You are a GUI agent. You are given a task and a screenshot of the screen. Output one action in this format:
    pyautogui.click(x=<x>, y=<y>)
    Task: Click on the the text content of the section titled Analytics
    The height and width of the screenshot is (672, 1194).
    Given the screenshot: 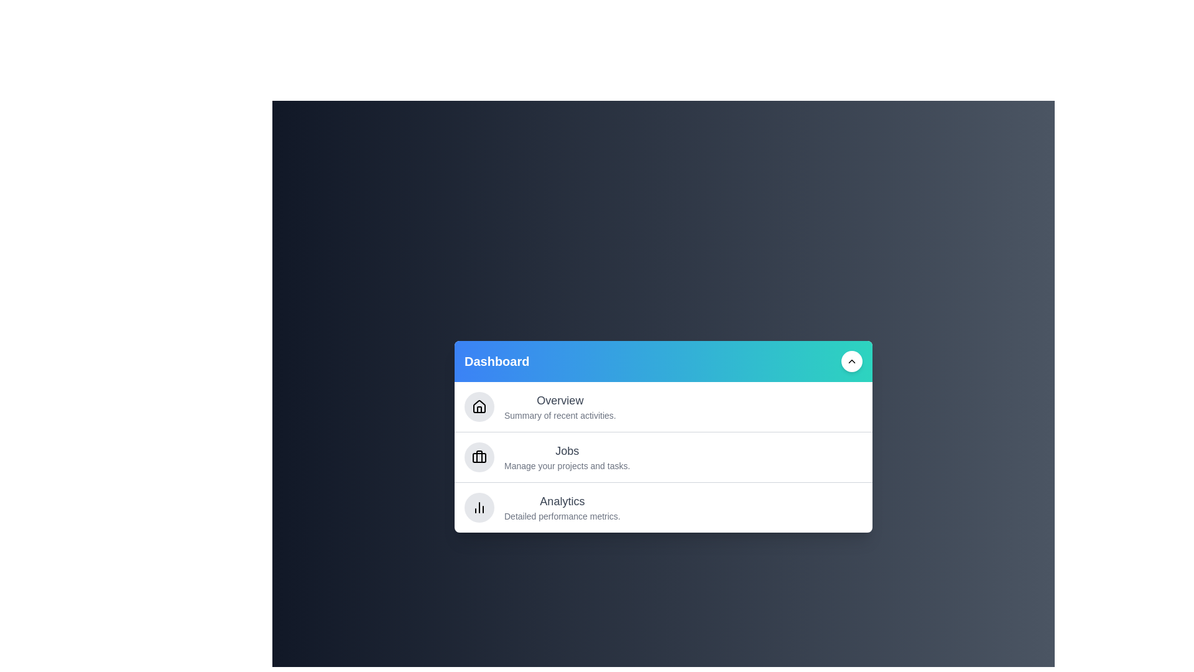 What is the action you would take?
    pyautogui.click(x=562, y=501)
    